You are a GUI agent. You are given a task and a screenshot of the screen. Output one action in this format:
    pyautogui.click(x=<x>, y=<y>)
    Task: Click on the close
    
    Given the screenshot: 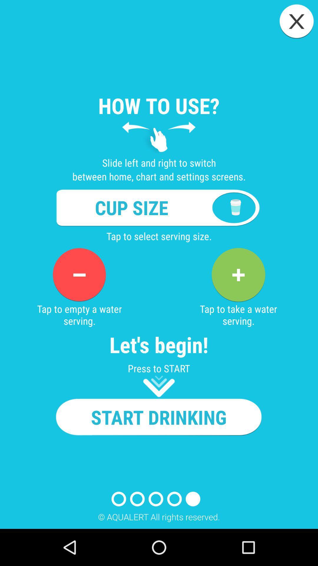 What is the action you would take?
    pyautogui.click(x=297, y=21)
    